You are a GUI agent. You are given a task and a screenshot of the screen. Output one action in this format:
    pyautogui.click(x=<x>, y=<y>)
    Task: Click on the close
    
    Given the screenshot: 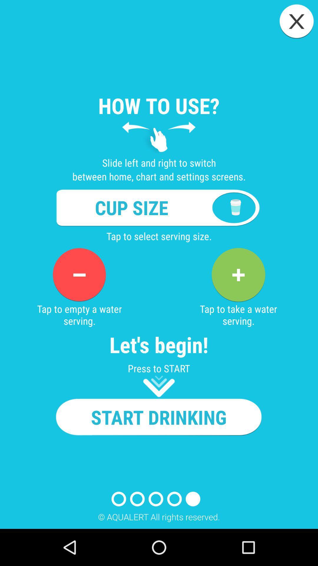 What is the action you would take?
    pyautogui.click(x=297, y=21)
    